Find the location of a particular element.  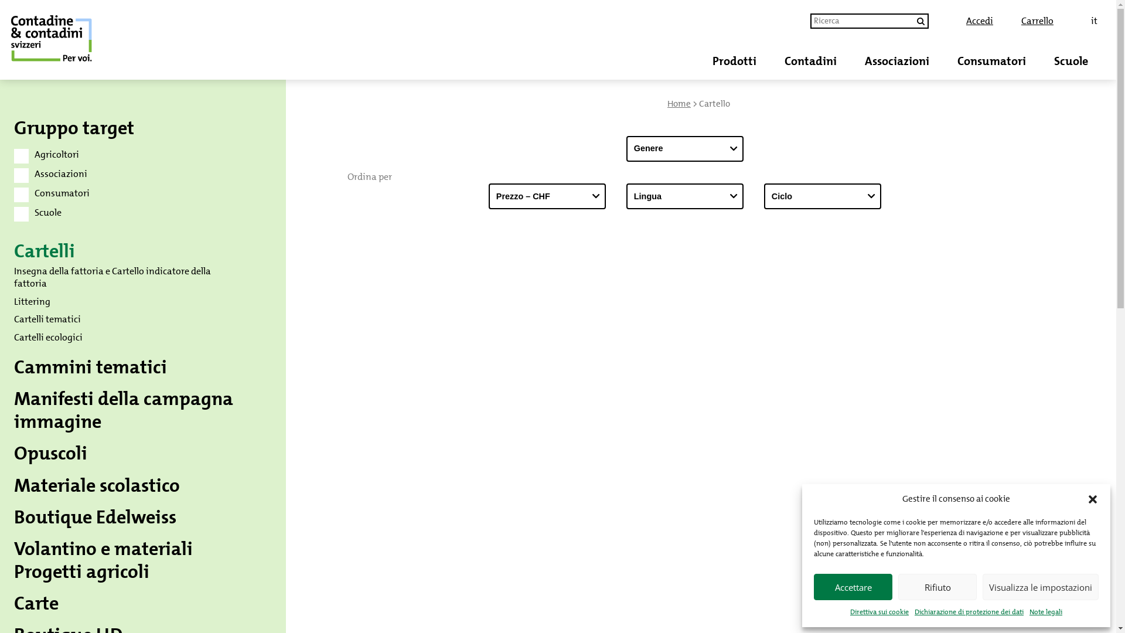

'Associazioni' is located at coordinates (896, 61).